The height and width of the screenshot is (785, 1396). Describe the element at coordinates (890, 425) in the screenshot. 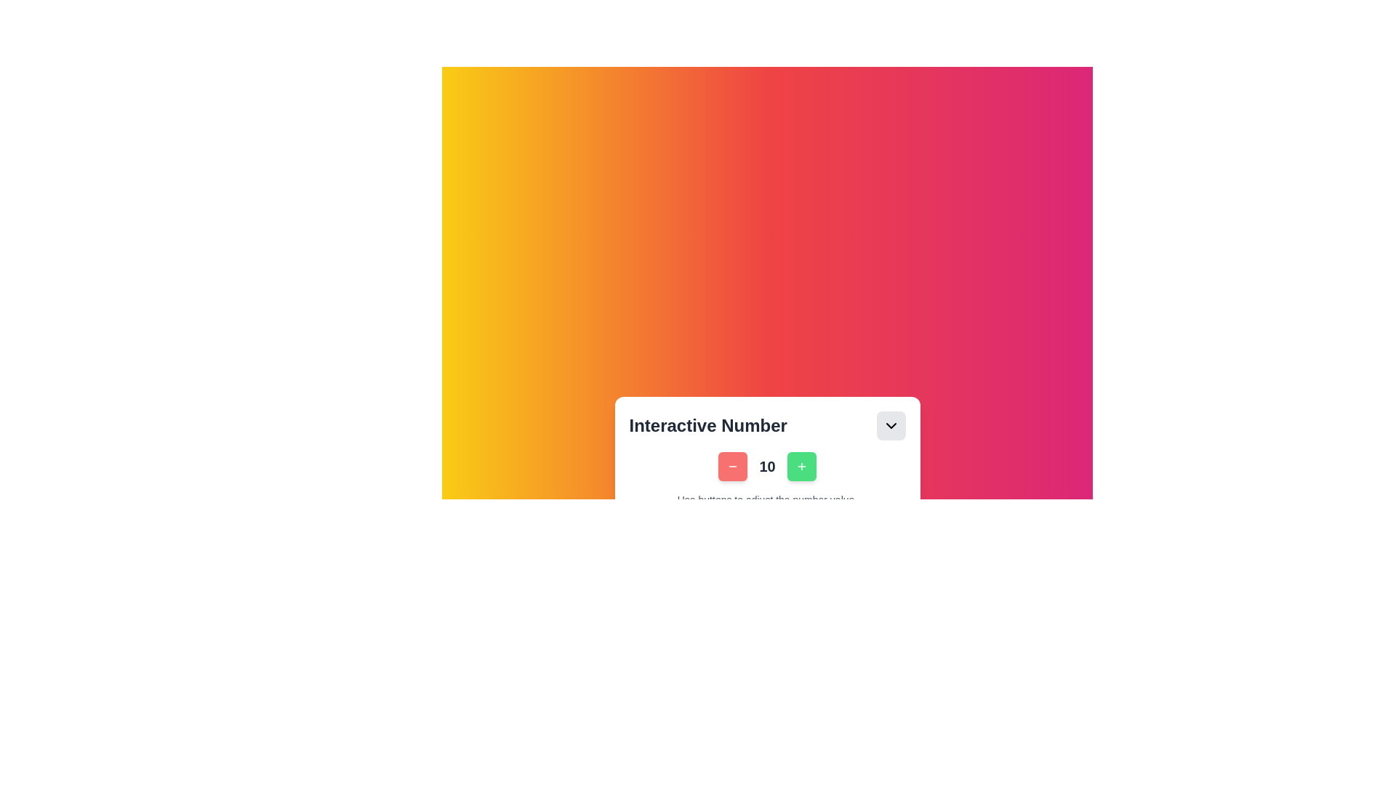

I see `the downward-facing chevron icon located in the top-right corner of the 'Interactive Number' card` at that location.